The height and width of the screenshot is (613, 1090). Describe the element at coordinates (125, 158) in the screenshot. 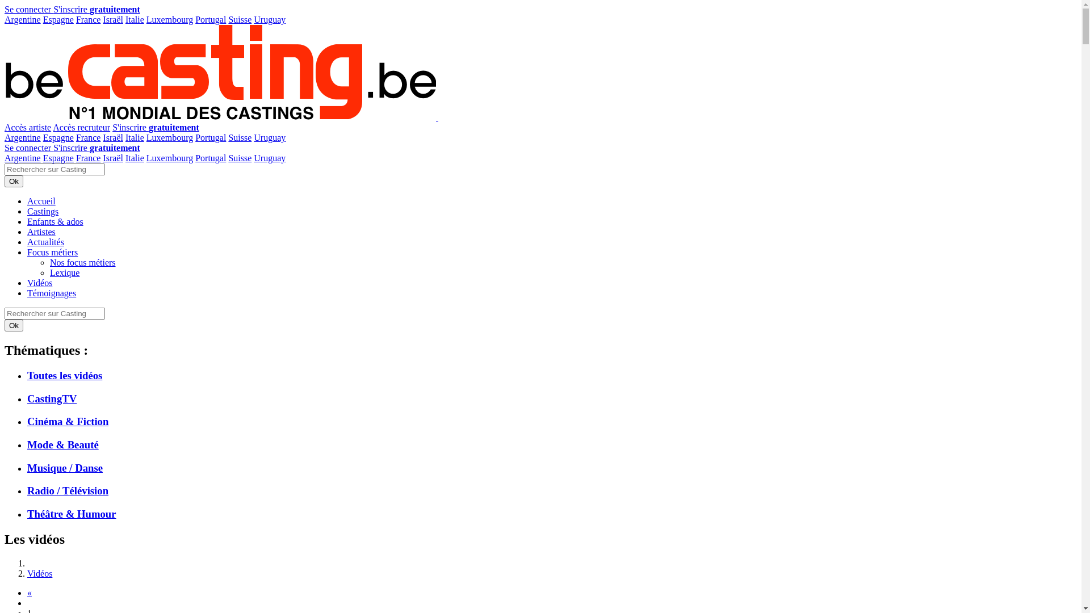

I see `'Italie'` at that location.